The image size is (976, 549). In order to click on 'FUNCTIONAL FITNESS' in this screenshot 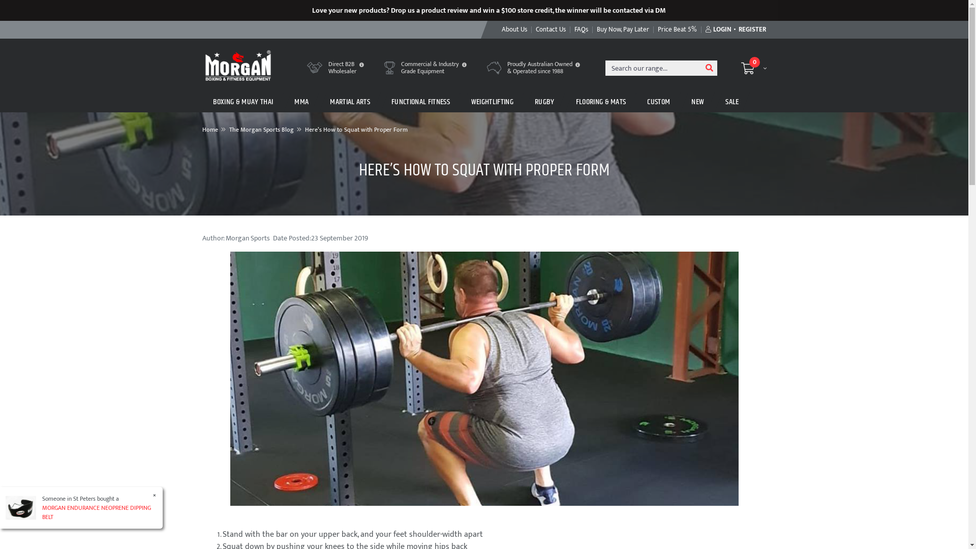, I will do `click(420, 102)`.